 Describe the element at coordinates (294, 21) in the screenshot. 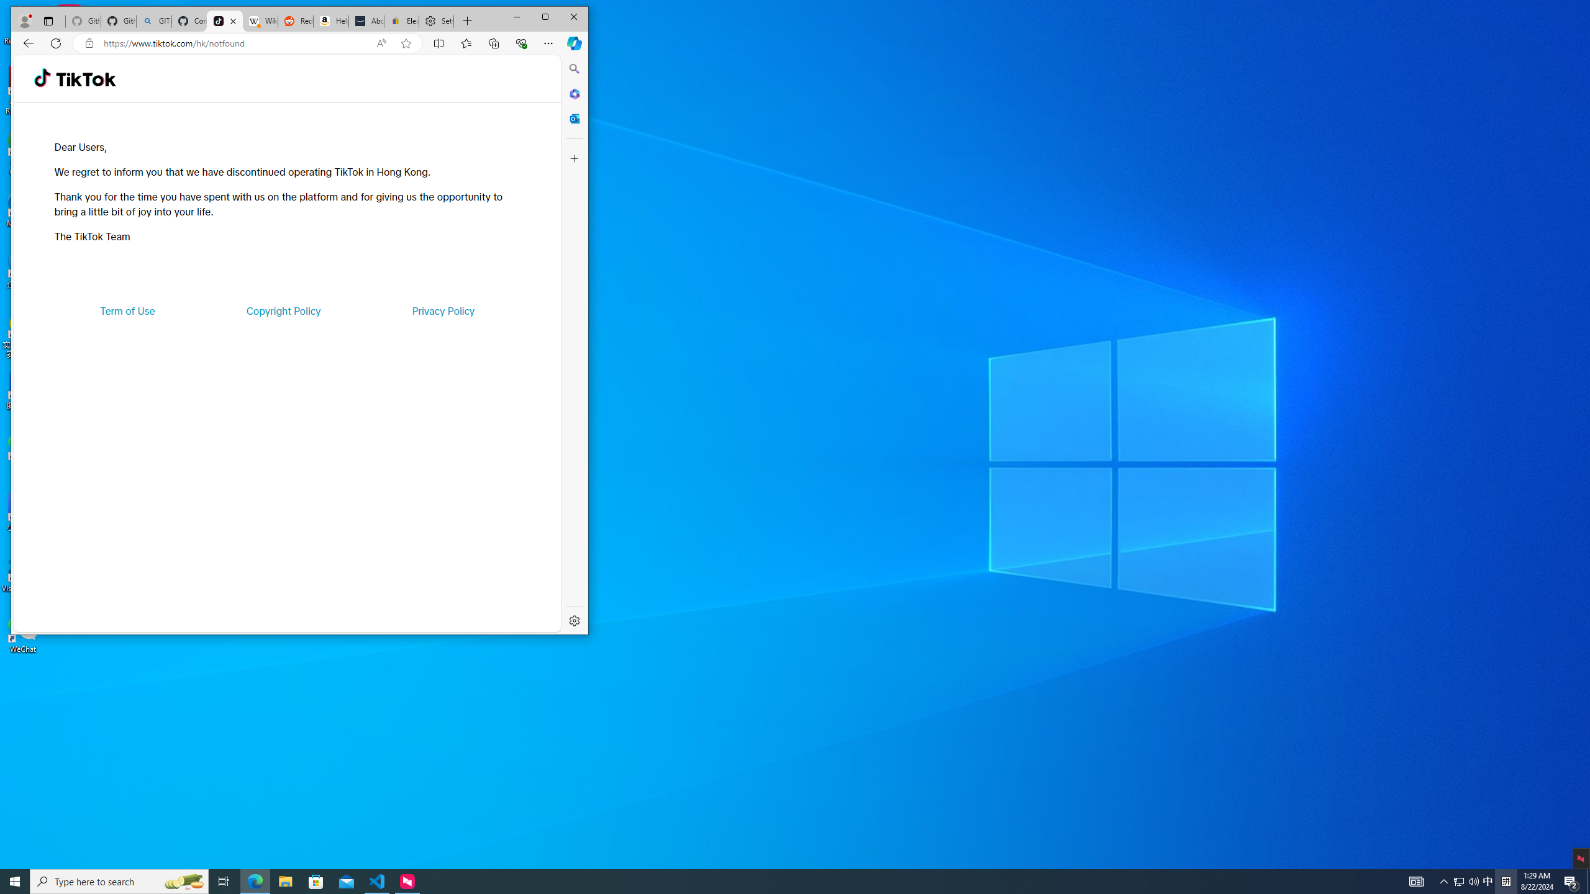

I see `'Reddit - Dive into anything'` at that location.